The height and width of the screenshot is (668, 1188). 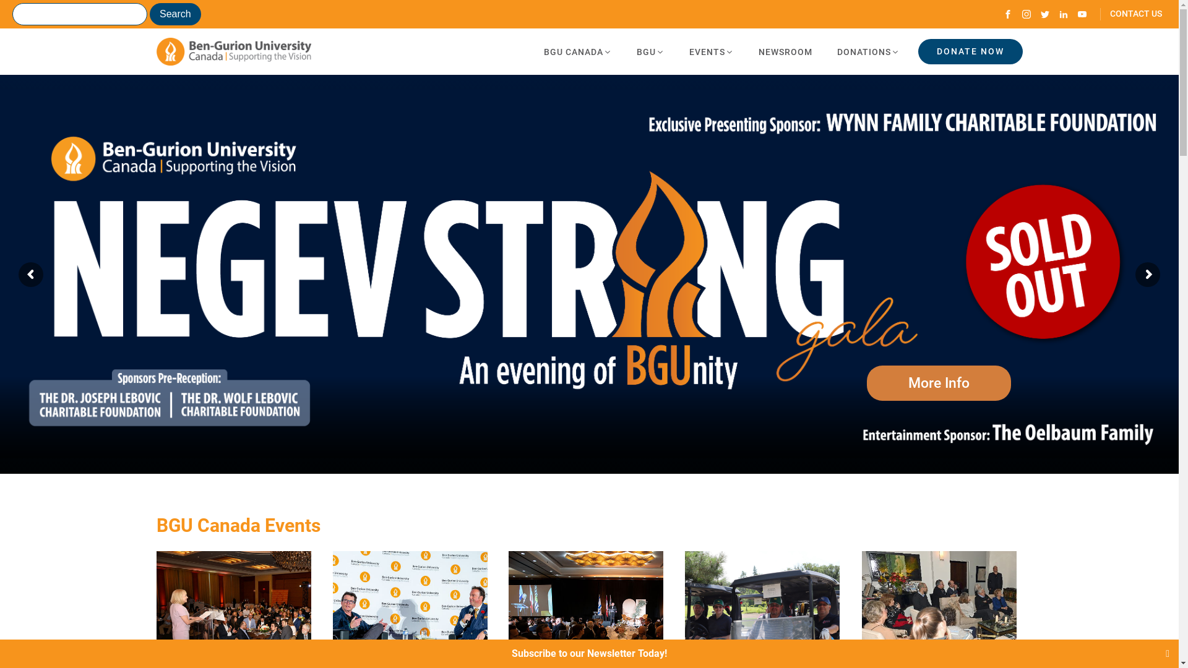 What do you see at coordinates (174, 14) in the screenshot?
I see `'Search'` at bounding box center [174, 14].